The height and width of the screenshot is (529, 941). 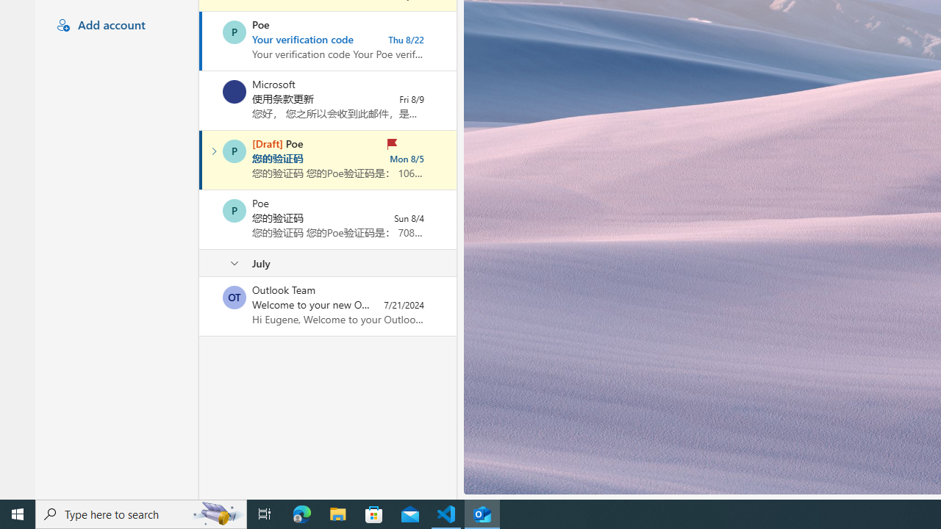 What do you see at coordinates (114, 26) in the screenshot?
I see `'Add account'` at bounding box center [114, 26].